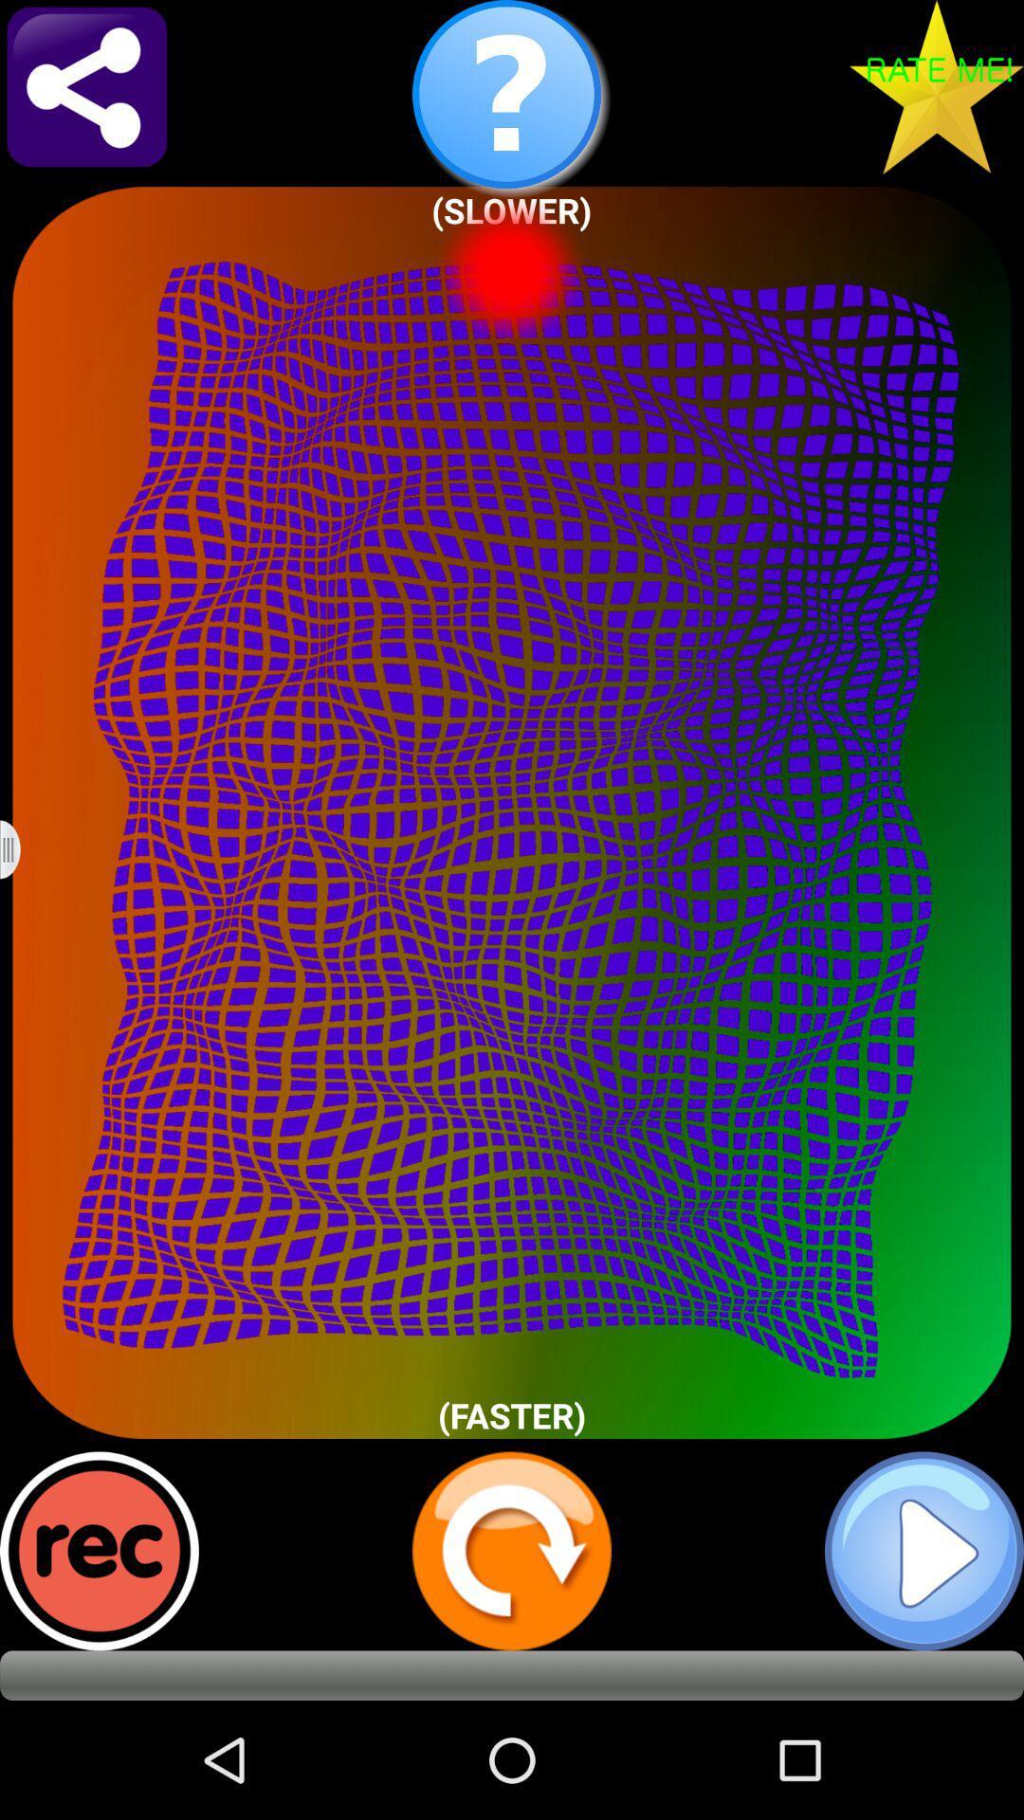 The width and height of the screenshot is (1024, 1820). Describe the element at coordinates (512, 1551) in the screenshot. I see `reload` at that location.